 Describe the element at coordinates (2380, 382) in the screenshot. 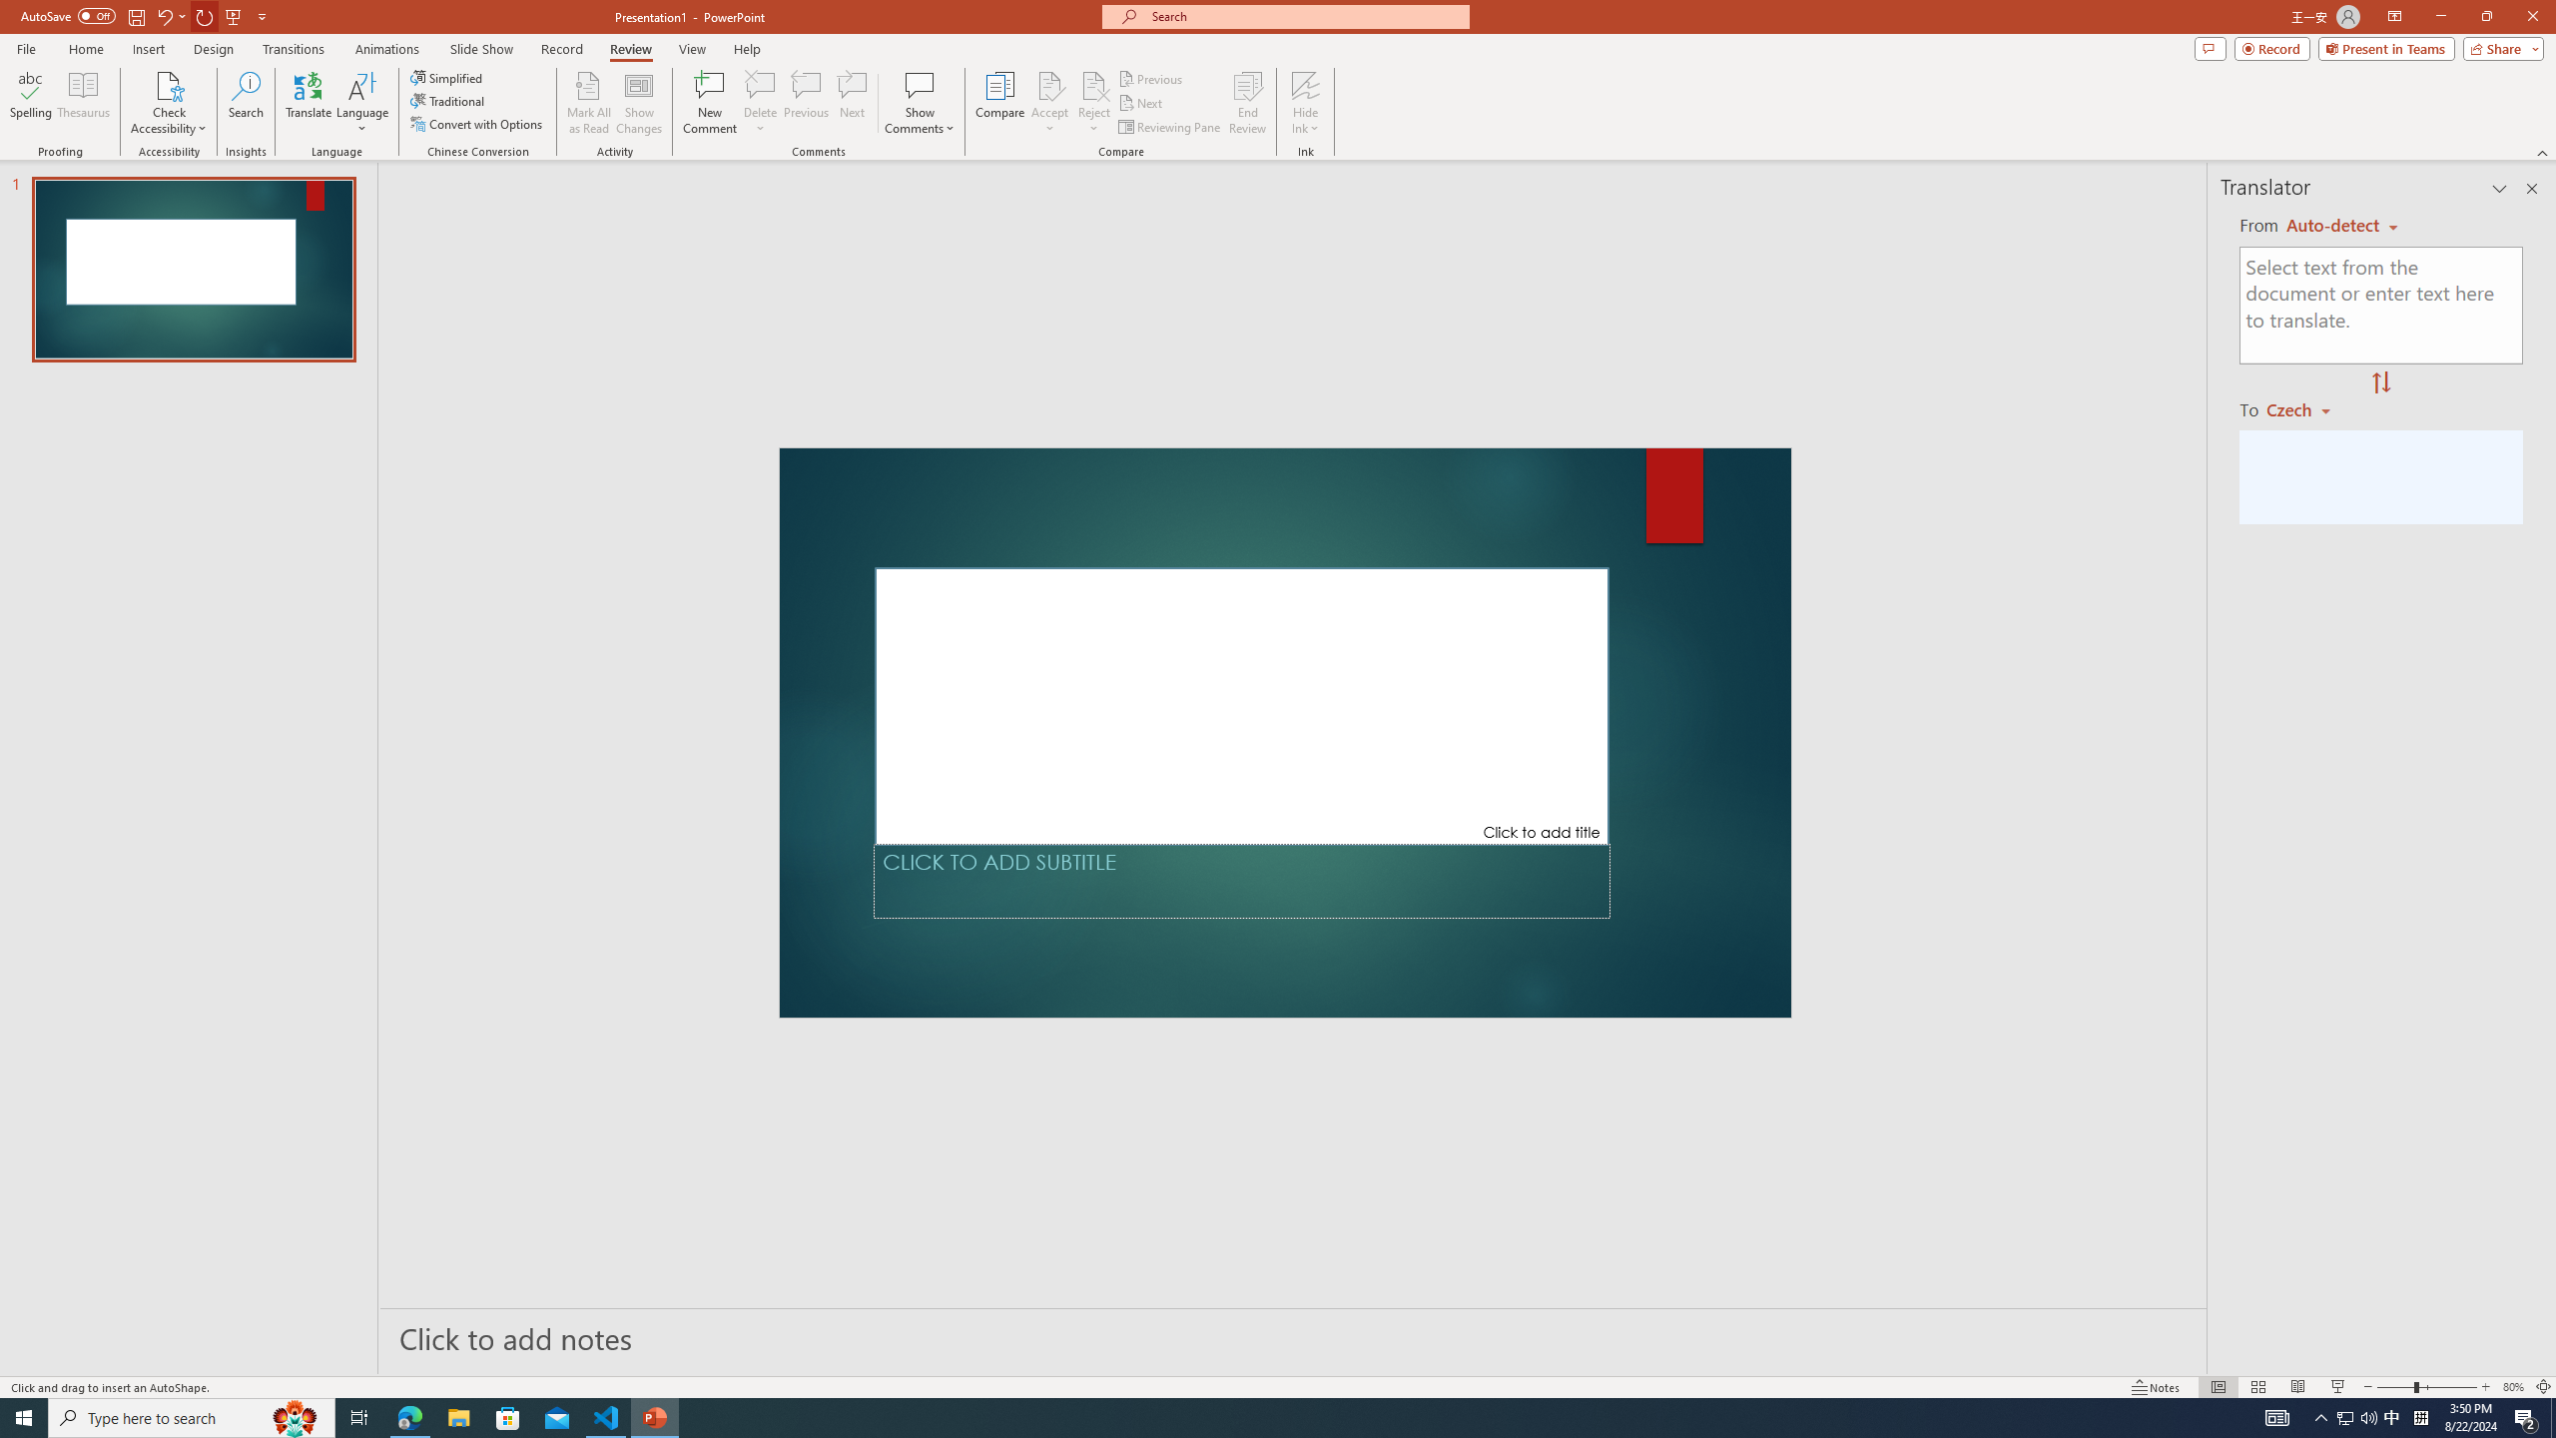

I see `'Swap "from" and "to" languages.'` at that location.